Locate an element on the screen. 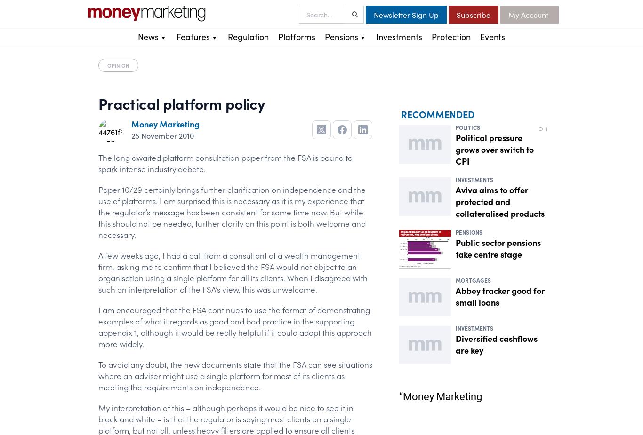  'Aviva aims to offer protected and collateralised products' is located at coordinates (499, 201).